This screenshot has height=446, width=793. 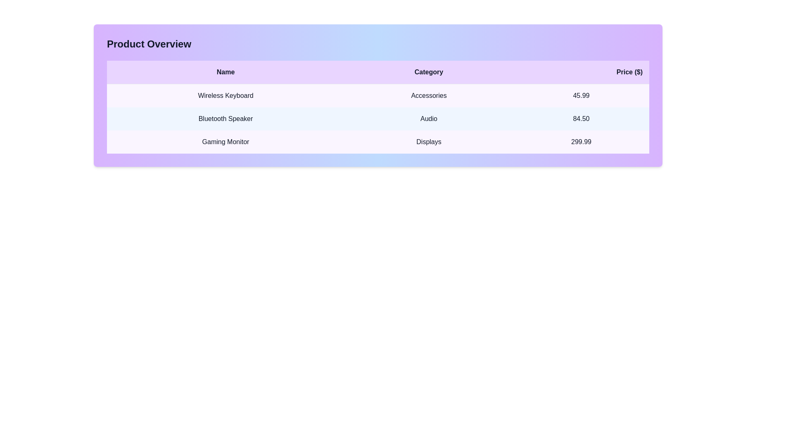 What do you see at coordinates (226, 141) in the screenshot?
I see `the text display element that shows the name 'Gaming Monitor', which is located in the first cell of the third row under the 'Name' column in the product overview table` at bounding box center [226, 141].